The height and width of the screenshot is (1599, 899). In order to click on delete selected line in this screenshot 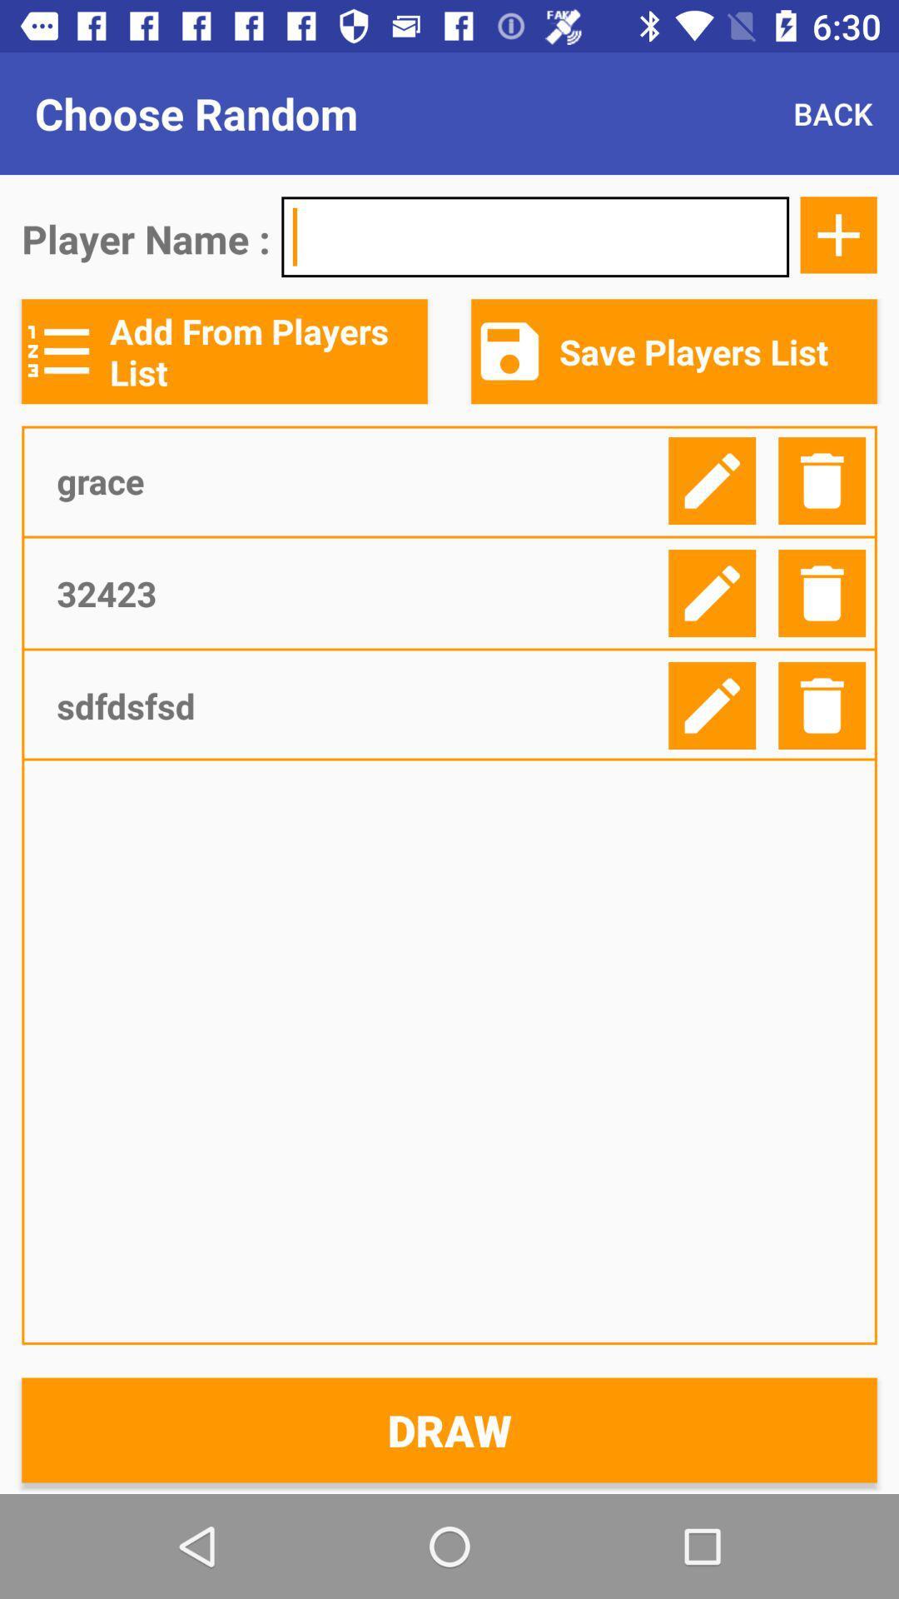, I will do `click(821, 593)`.